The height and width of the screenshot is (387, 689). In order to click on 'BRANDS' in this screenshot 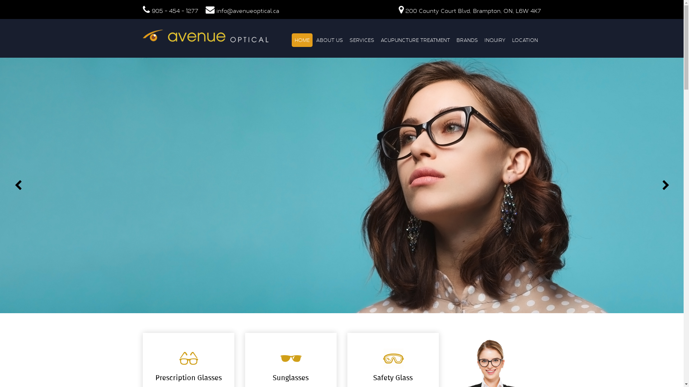, I will do `click(453, 40)`.